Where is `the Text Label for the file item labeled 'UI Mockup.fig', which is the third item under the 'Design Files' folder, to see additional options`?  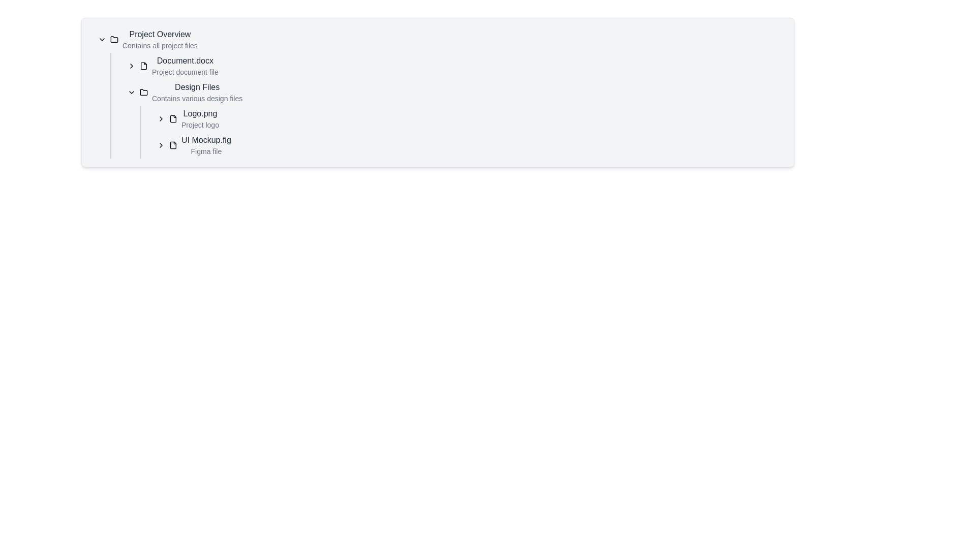 the Text Label for the file item labeled 'UI Mockup.fig', which is the third item under the 'Design Files' folder, to see additional options is located at coordinates (205, 145).